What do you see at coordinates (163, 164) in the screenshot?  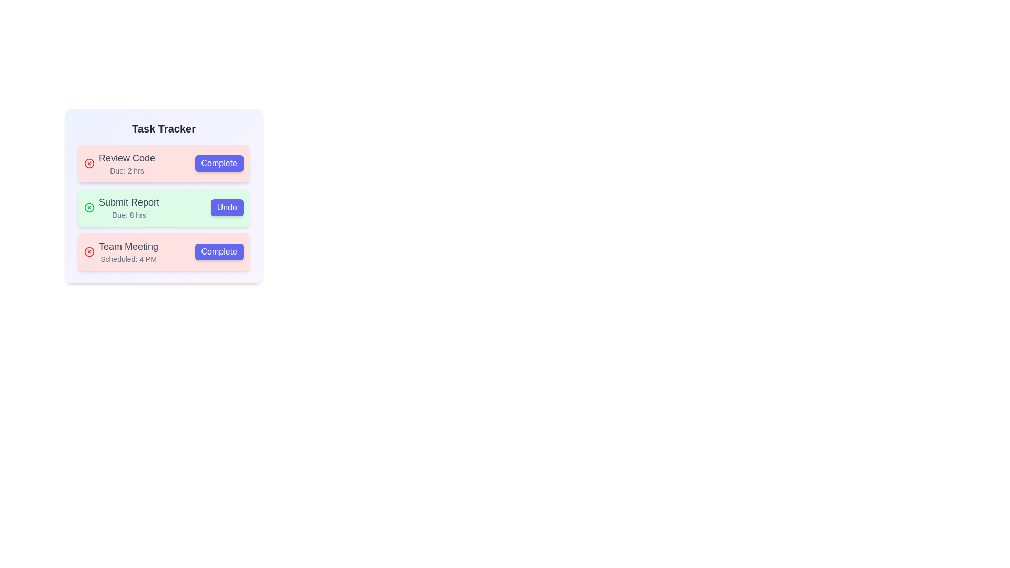 I see `the task labeled 'Review Code' to observe hover effects` at bounding box center [163, 164].